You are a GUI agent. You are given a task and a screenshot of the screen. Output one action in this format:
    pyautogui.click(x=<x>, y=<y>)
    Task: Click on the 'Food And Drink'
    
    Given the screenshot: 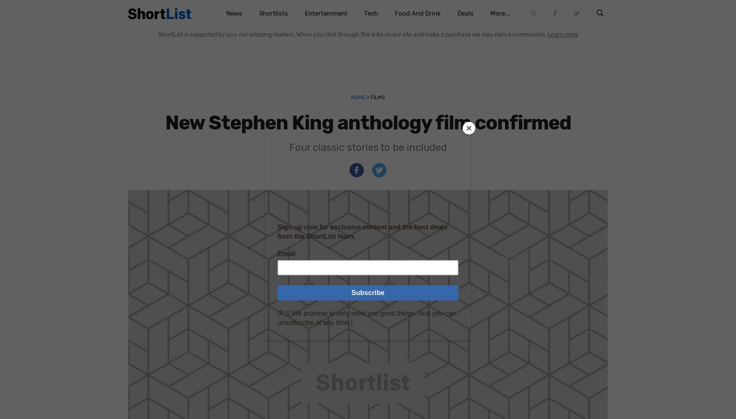 What is the action you would take?
    pyautogui.click(x=417, y=13)
    